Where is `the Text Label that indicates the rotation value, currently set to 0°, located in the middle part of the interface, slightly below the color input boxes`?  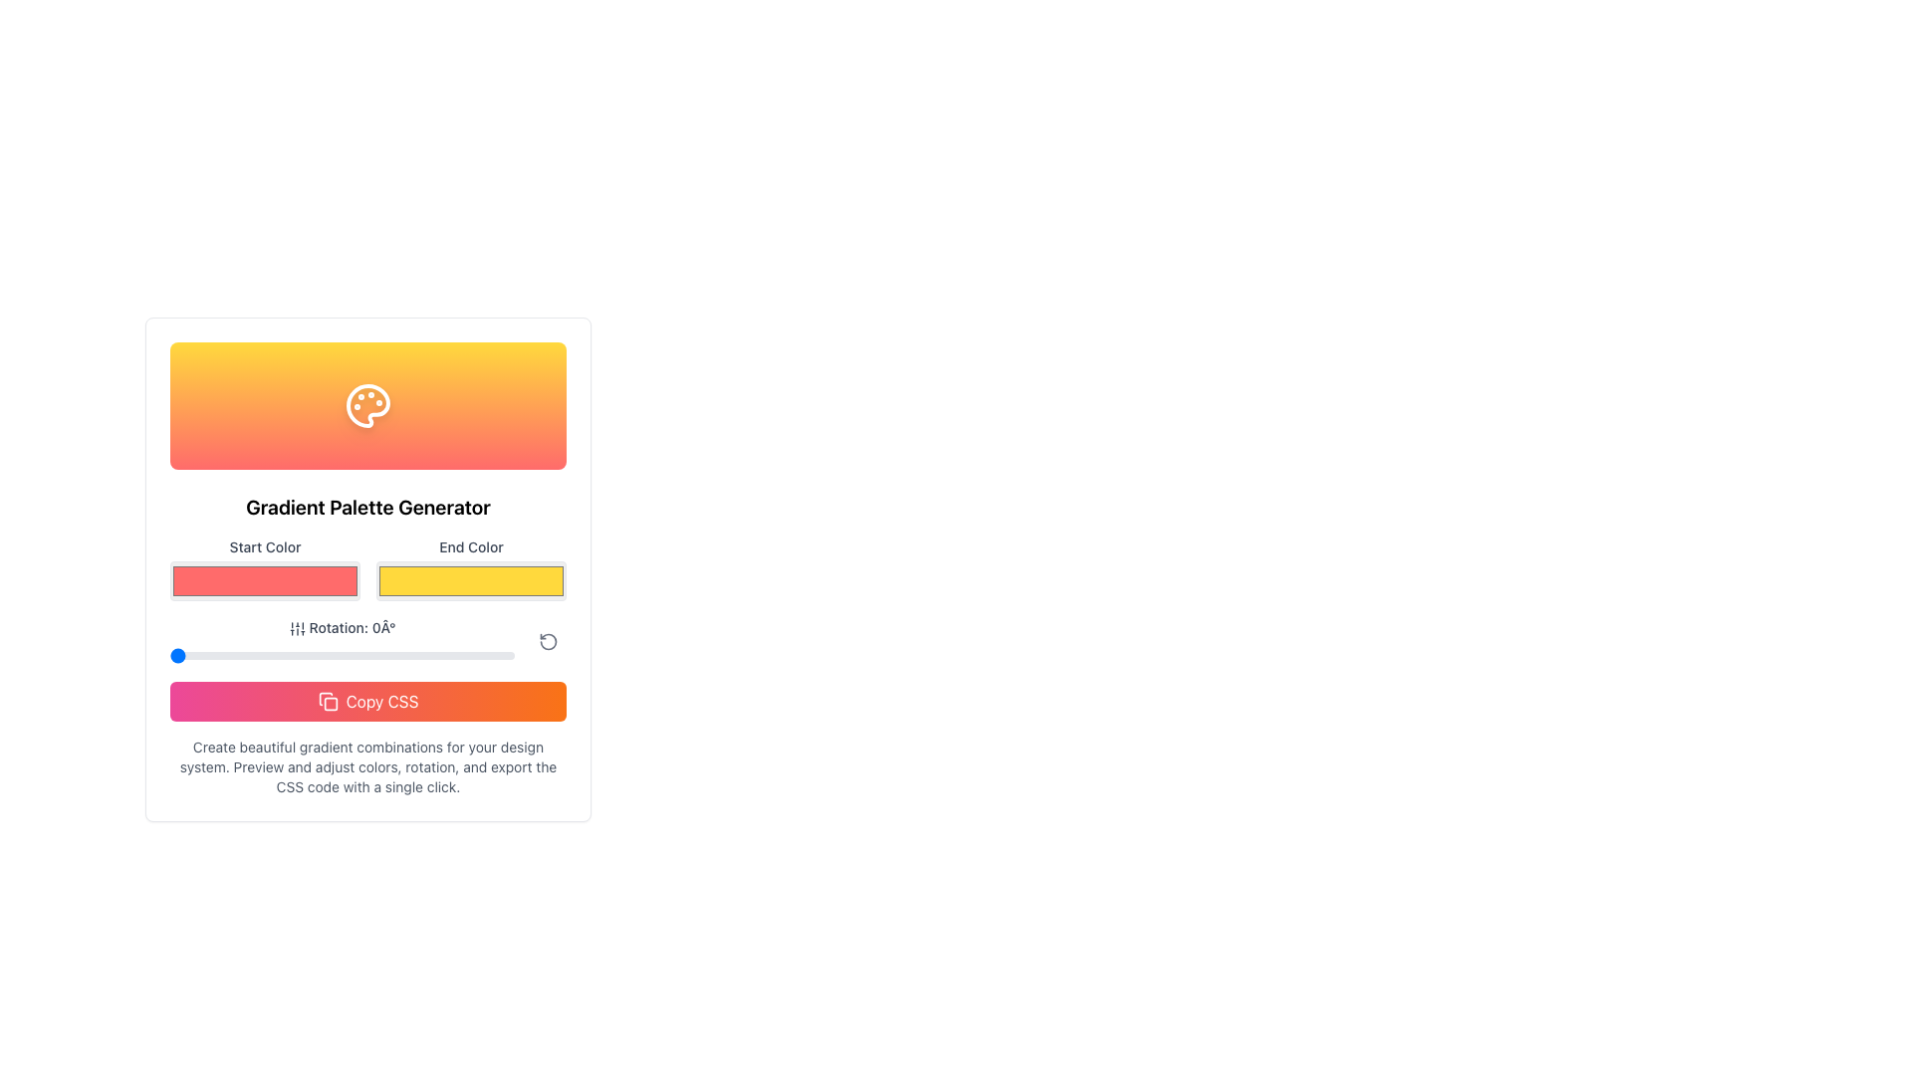
the Text Label that indicates the rotation value, currently set to 0°, located in the middle part of the interface, slightly below the color input boxes is located at coordinates (343, 628).